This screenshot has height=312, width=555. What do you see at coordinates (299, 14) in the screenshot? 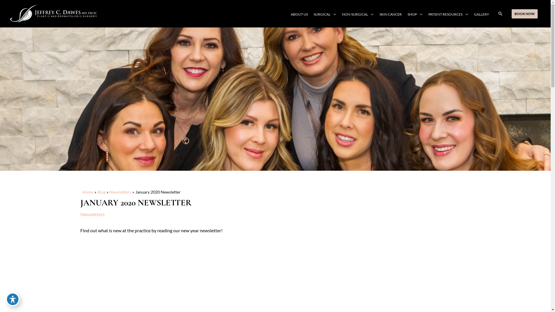
I see `'ABOUT US'` at bounding box center [299, 14].